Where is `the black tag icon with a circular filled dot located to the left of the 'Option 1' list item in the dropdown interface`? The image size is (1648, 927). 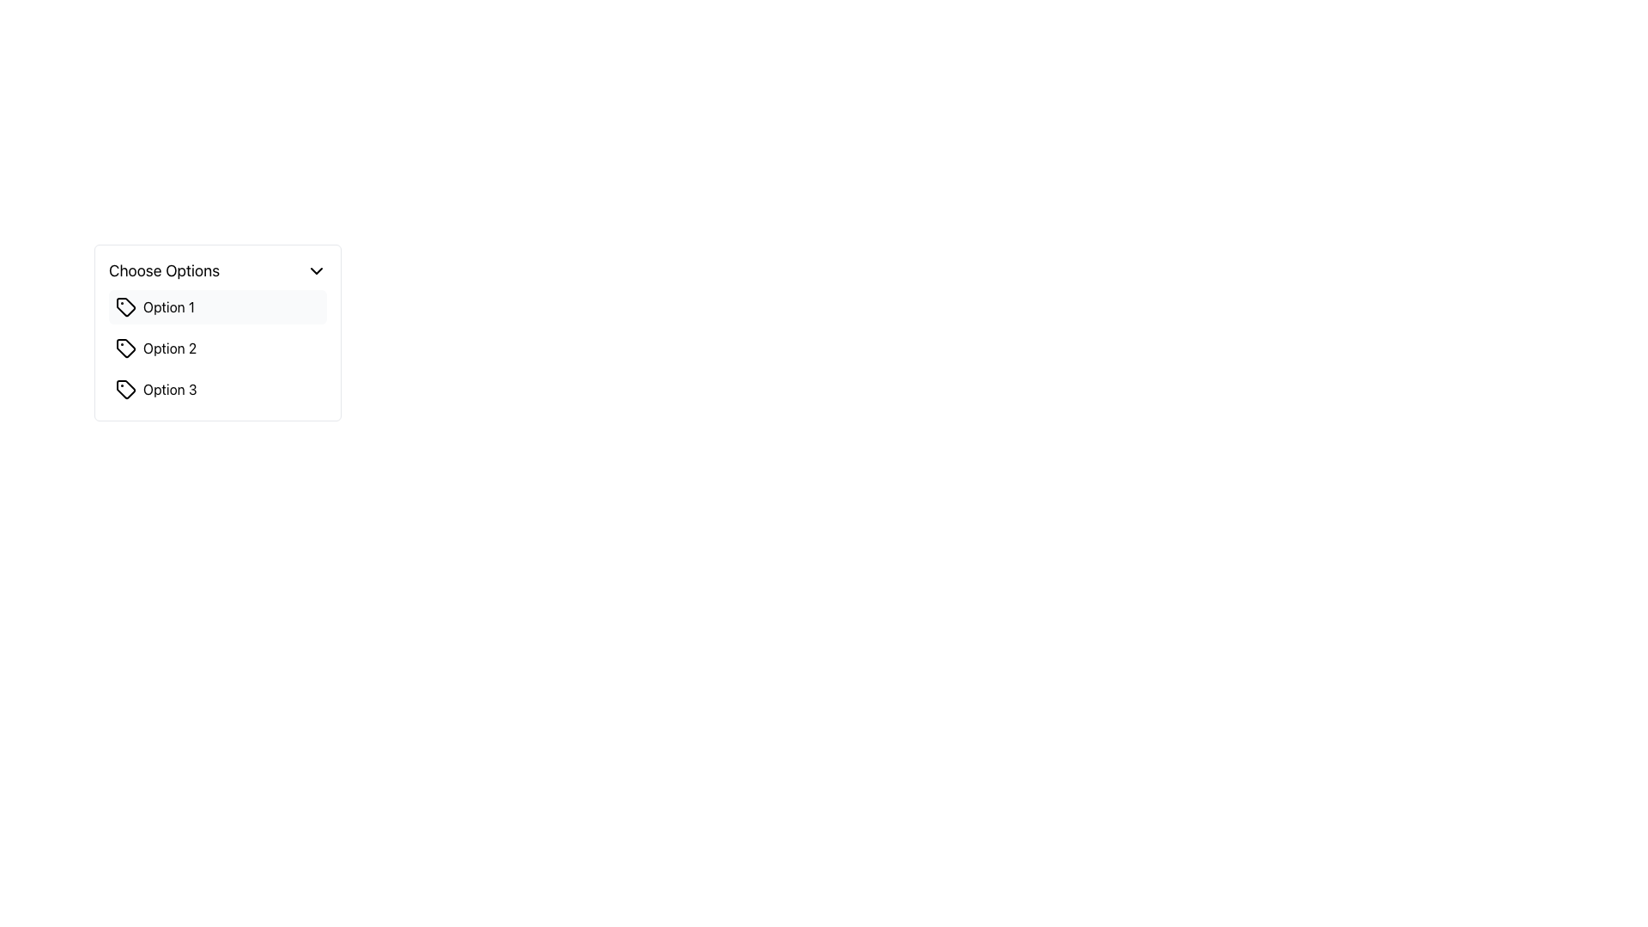
the black tag icon with a circular filled dot located to the left of the 'Option 1' list item in the dropdown interface is located at coordinates (125, 306).